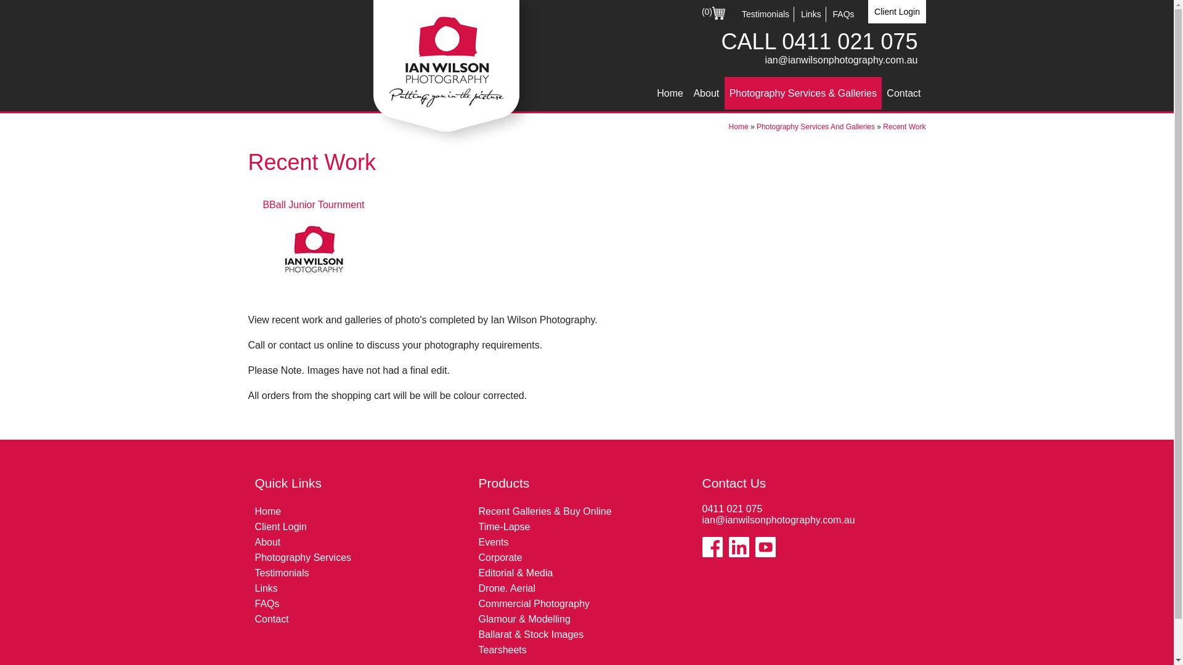 This screenshot has width=1183, height=665. What do you see at coordinates (478, 541) in the screenshot?
I see `'Events'` at bounding box center [478, 541].